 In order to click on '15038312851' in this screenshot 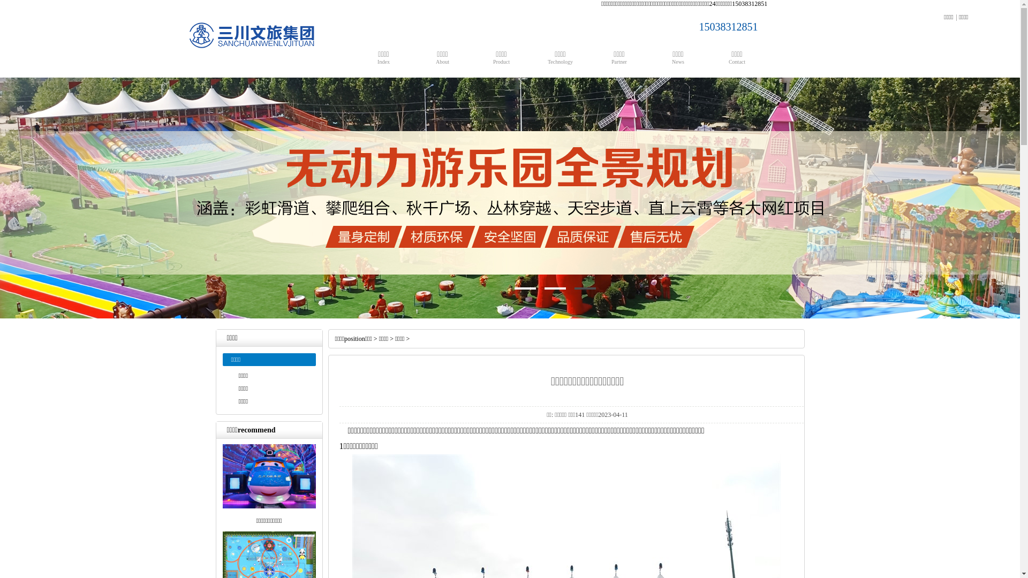, I will do `click(715, 26)`.